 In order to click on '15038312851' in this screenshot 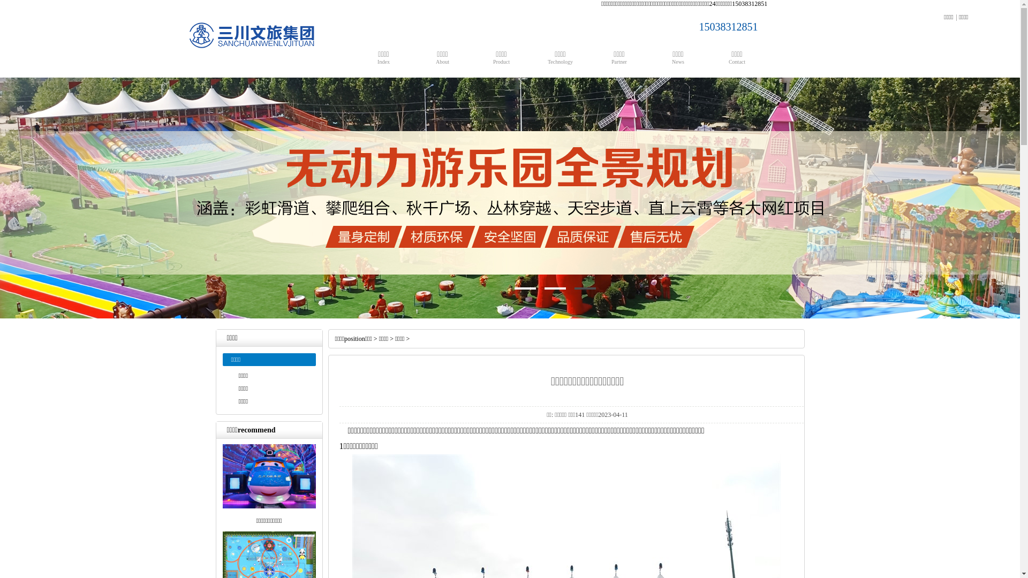, I will do `click(715, 26)`.